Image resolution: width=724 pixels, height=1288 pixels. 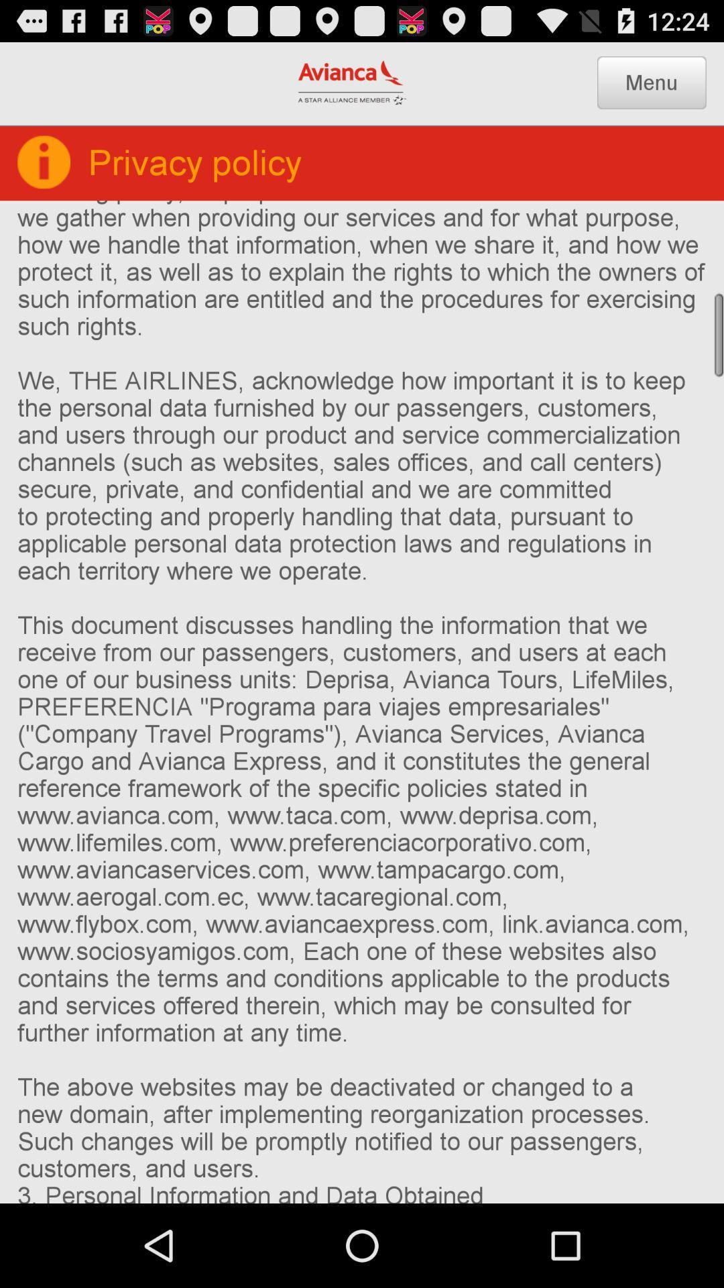 What do you see at coordinates (651, 82) in the screenshot?
I see `the item above the 1 who we` at bounding box center [651, 82].